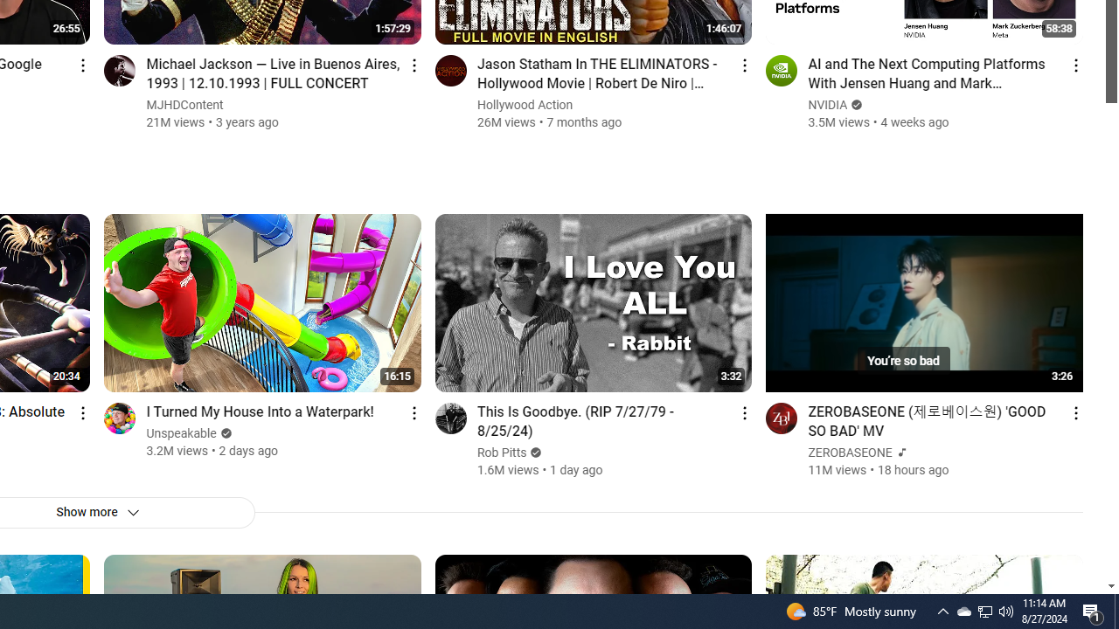  Describe the element at coordinates (851, 452) in the screenshot. I see `'ZEROBASEONE'` at that location.